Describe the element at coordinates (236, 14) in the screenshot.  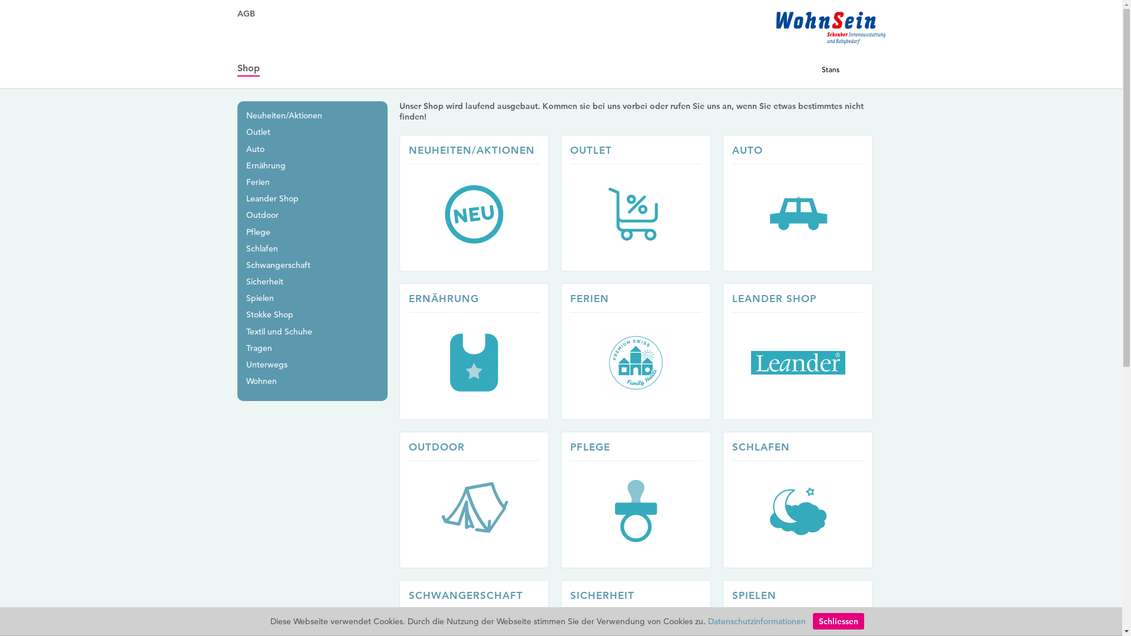
I see `'AGB'` at that location.